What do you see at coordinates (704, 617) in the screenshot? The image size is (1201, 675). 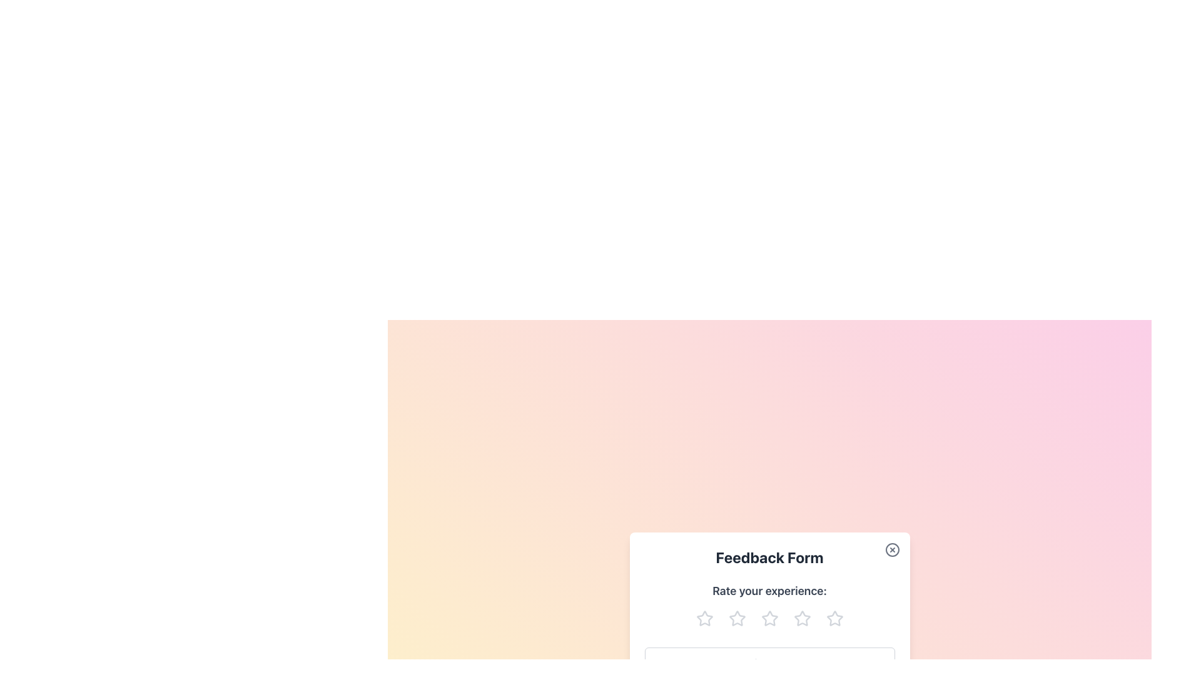 I see `the leftmost star icon in the rating section` at bounding box center [704, 617].